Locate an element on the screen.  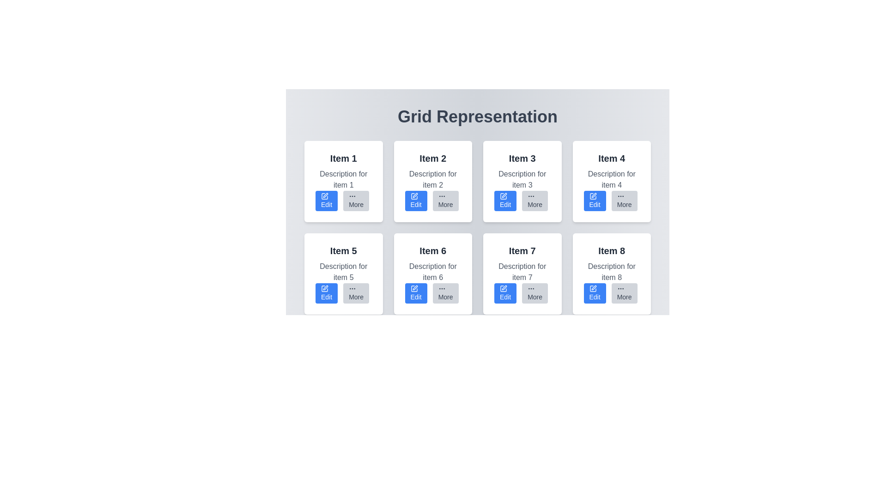
the 'More' button on the first card in the grid layout, located at the top-left corner is located at coordinates (343, 182).